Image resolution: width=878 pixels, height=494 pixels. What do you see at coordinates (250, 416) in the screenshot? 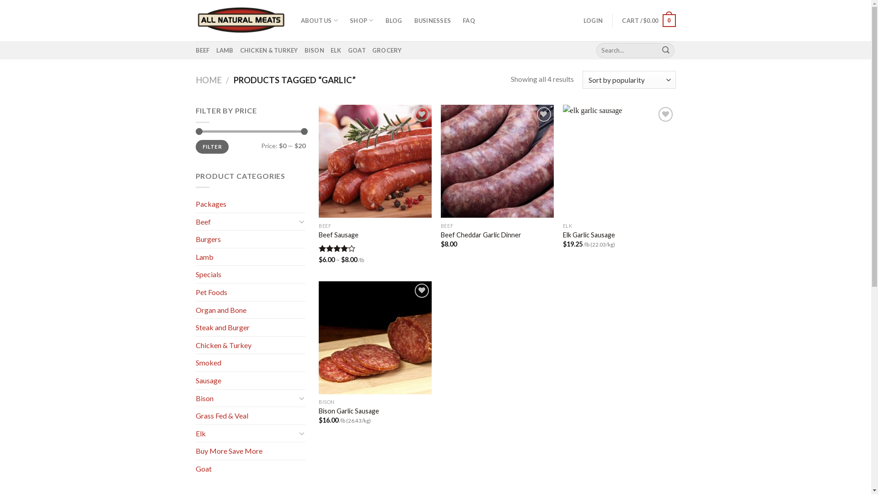
I see `'Grass Fed & Veal'` at bounding box center [250, 416].